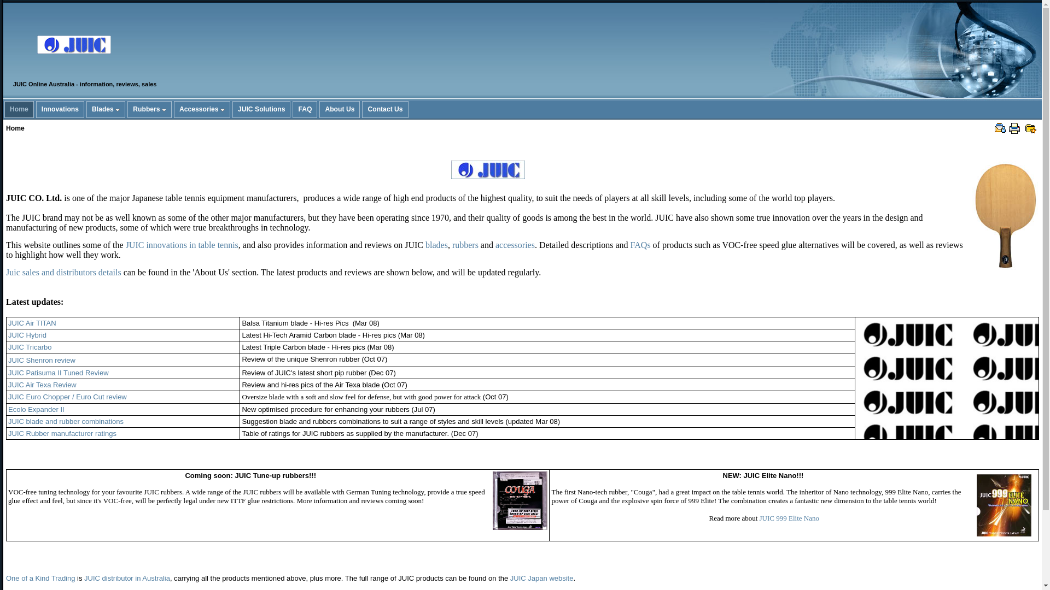  I want to click on 'FAQs', so click(640, 244).